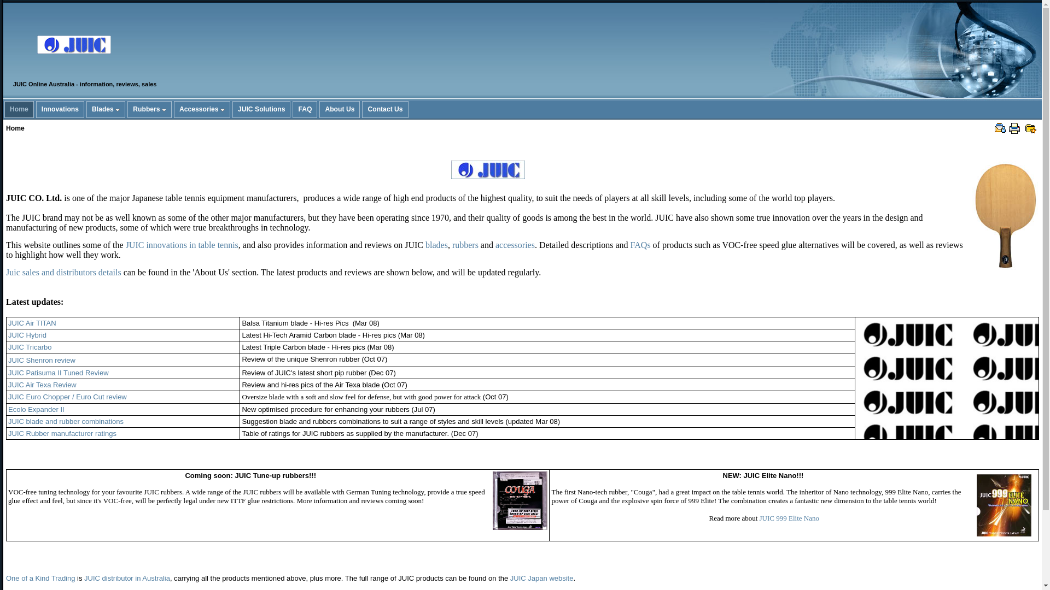  I want to click on 'FAQs', so click(640, 244).